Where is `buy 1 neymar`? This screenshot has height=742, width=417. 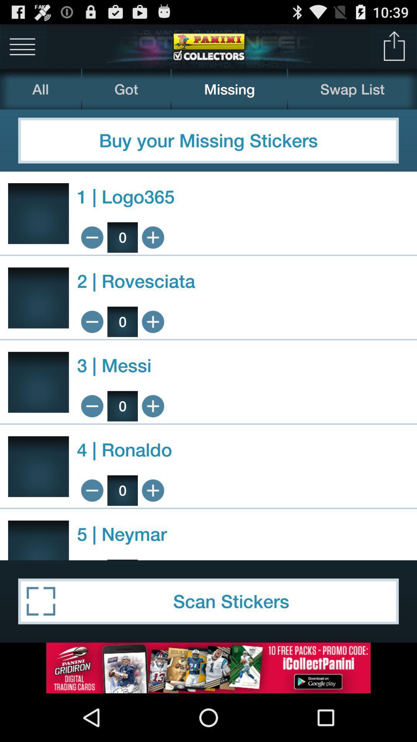
buy 1 neymar is located at coordinates (153, 560).